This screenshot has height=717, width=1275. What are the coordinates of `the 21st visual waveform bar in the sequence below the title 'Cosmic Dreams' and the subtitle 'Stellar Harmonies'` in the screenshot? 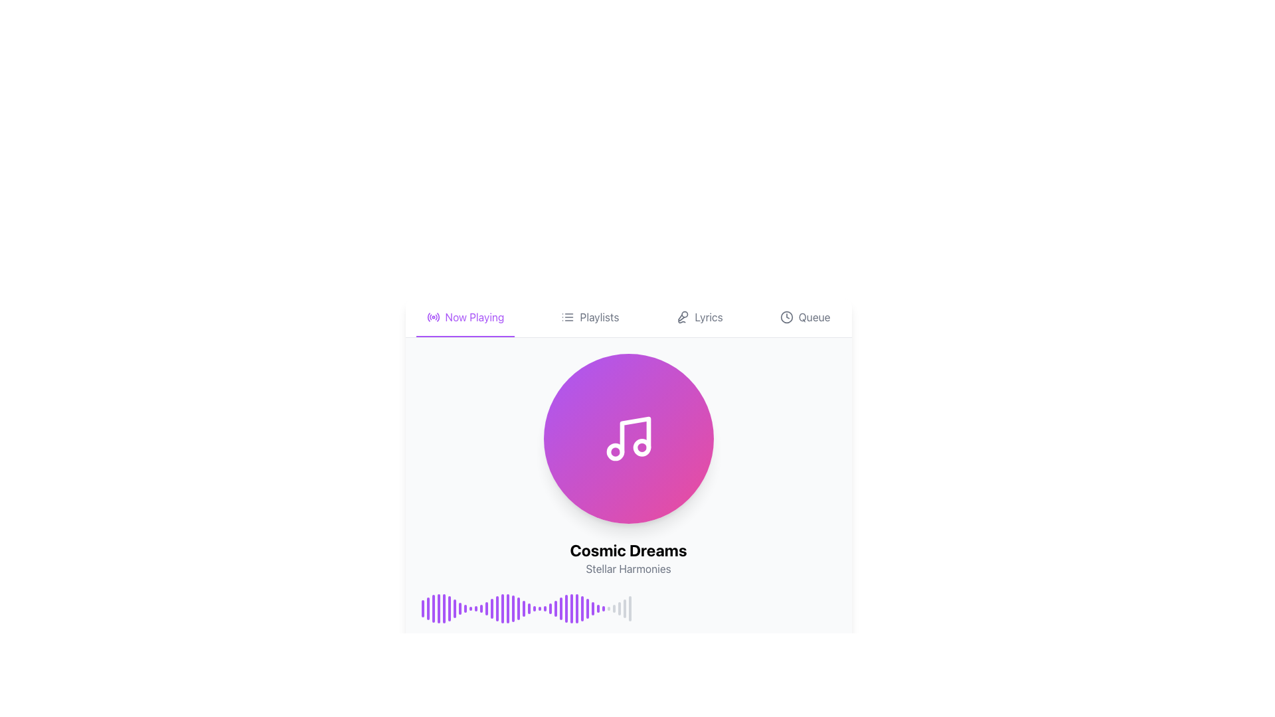 It's located at (528, 609).